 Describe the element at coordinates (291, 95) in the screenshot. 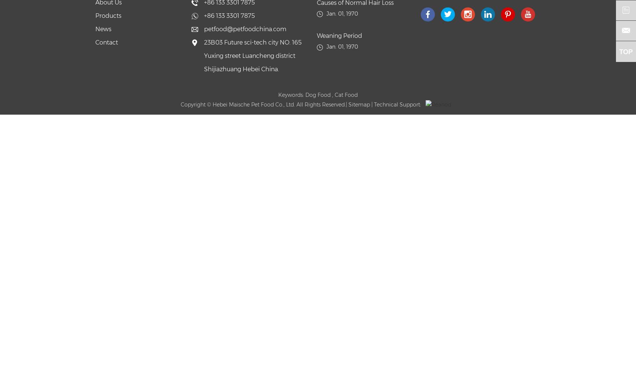

I see `'Keywords:'` at that location.